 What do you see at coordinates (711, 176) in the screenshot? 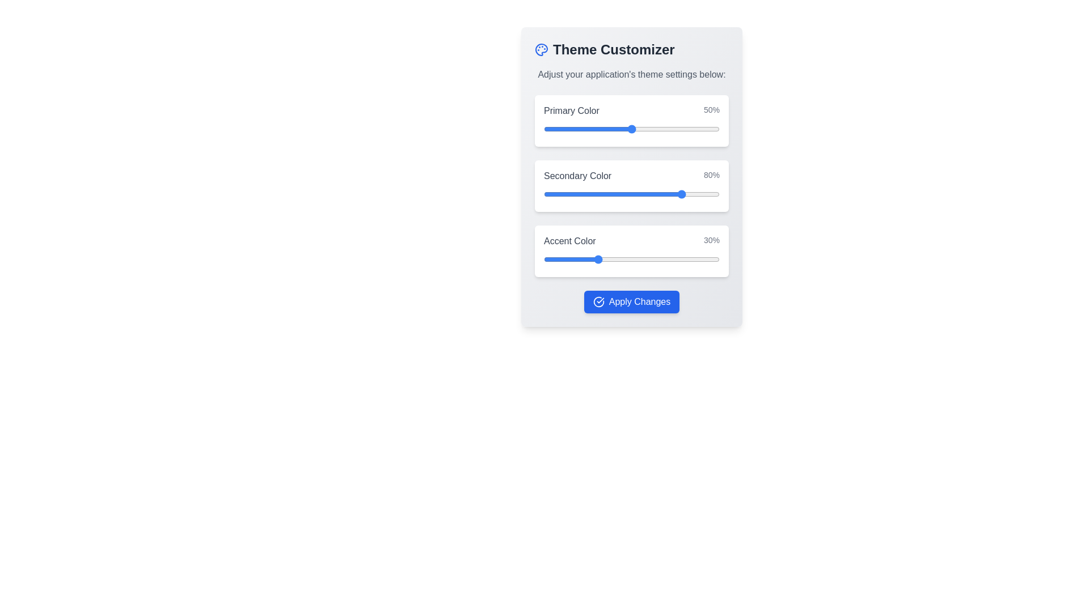
I see `the static text displaying '80%' which is located to the right of the 'Secondary Color' progress bar in the theme customization panel` at bounding box center [711, 176].